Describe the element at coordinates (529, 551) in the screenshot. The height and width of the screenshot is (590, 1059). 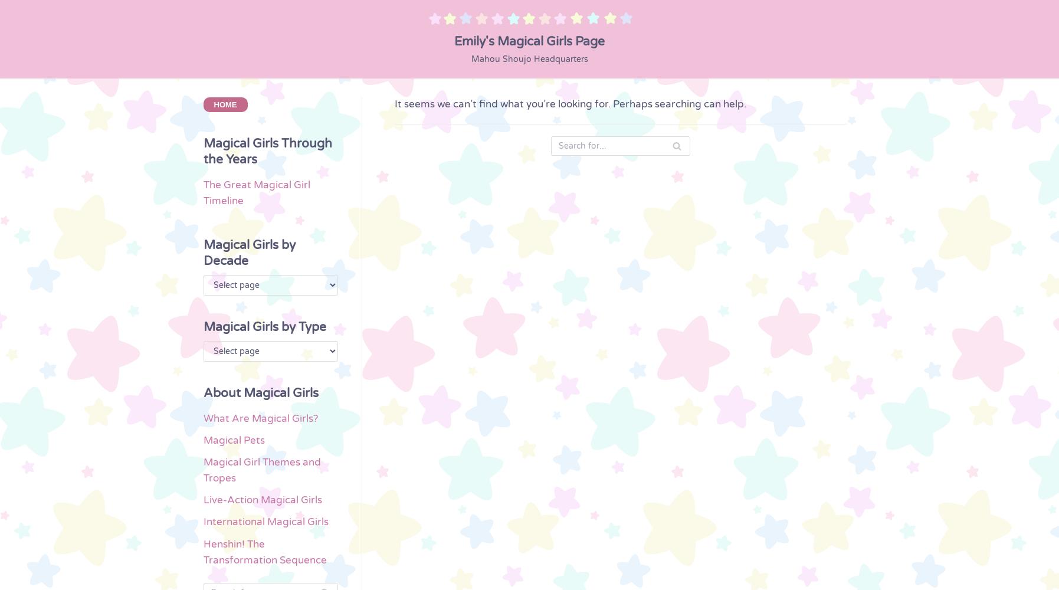
I see `'START TYPING AND PRESS ENTER TO SEARCH'` at that location.